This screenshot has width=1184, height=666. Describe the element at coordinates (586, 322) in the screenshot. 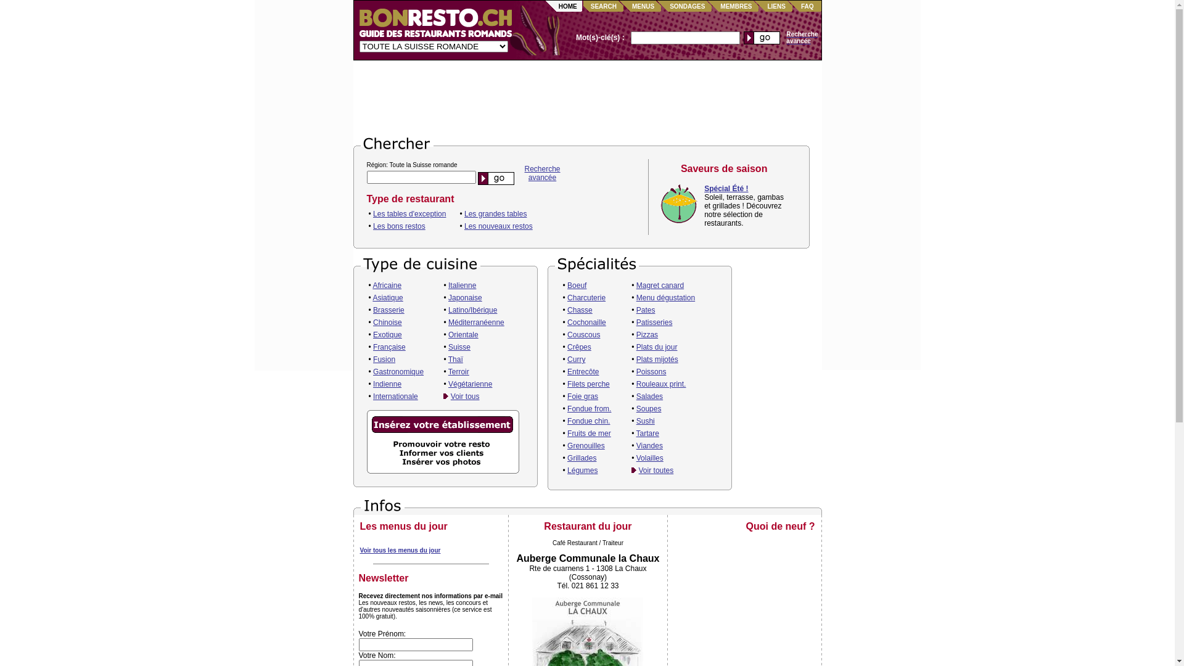

I see `'Cochonaille'` at that location.